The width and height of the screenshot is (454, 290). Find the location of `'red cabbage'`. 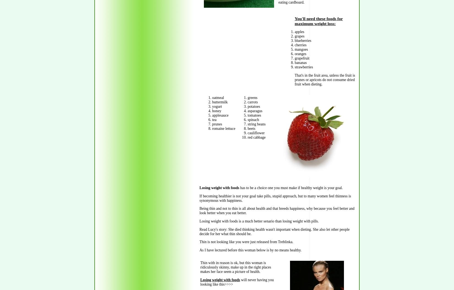

'red cabbage' is located at coordinates (256, 137).